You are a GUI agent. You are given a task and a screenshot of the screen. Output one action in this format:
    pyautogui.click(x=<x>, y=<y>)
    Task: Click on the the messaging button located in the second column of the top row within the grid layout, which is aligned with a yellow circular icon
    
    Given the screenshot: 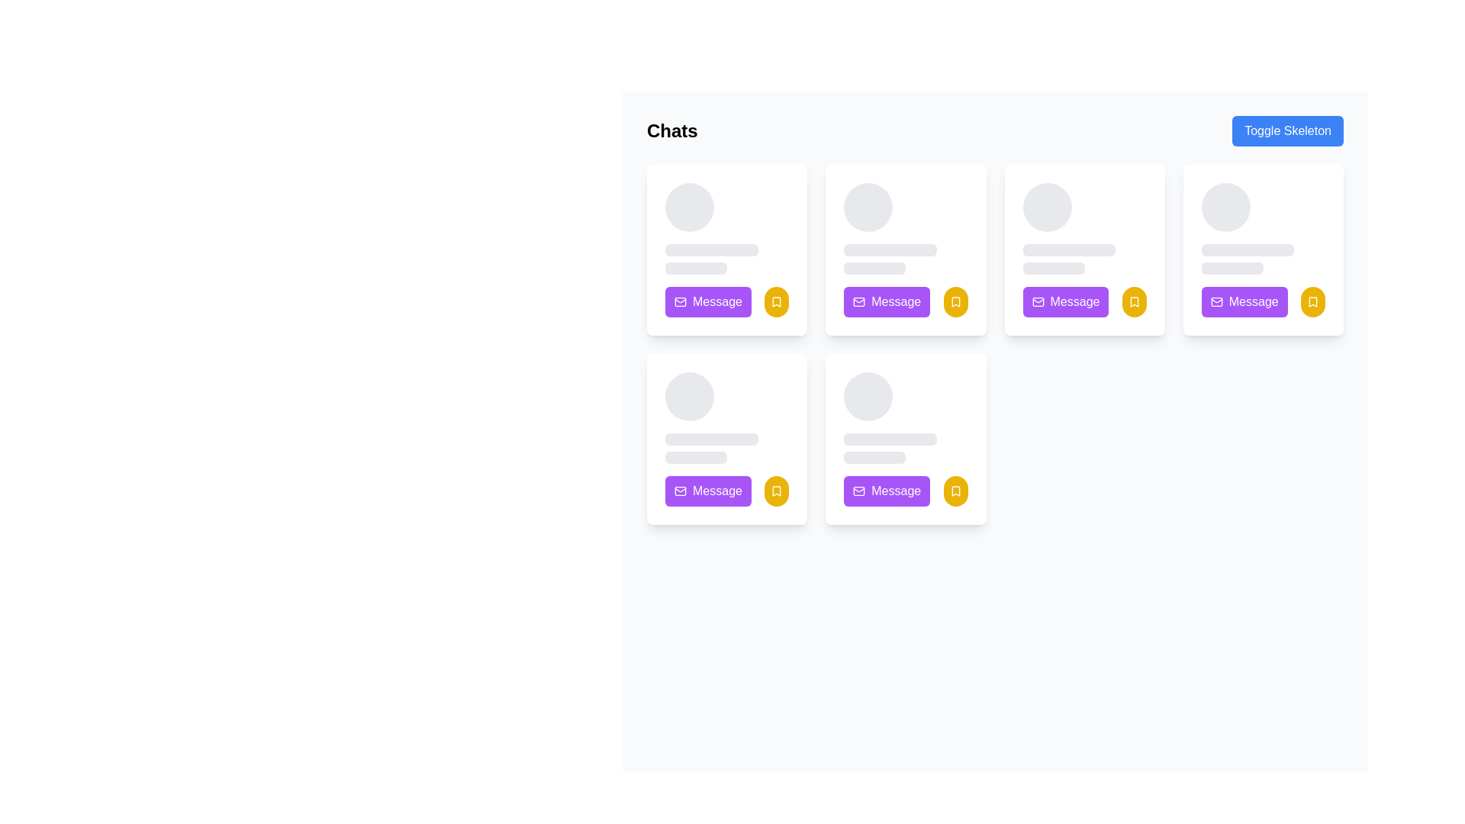 What is the action you would take?
    pyautogui.click(x=887, y=302)
    